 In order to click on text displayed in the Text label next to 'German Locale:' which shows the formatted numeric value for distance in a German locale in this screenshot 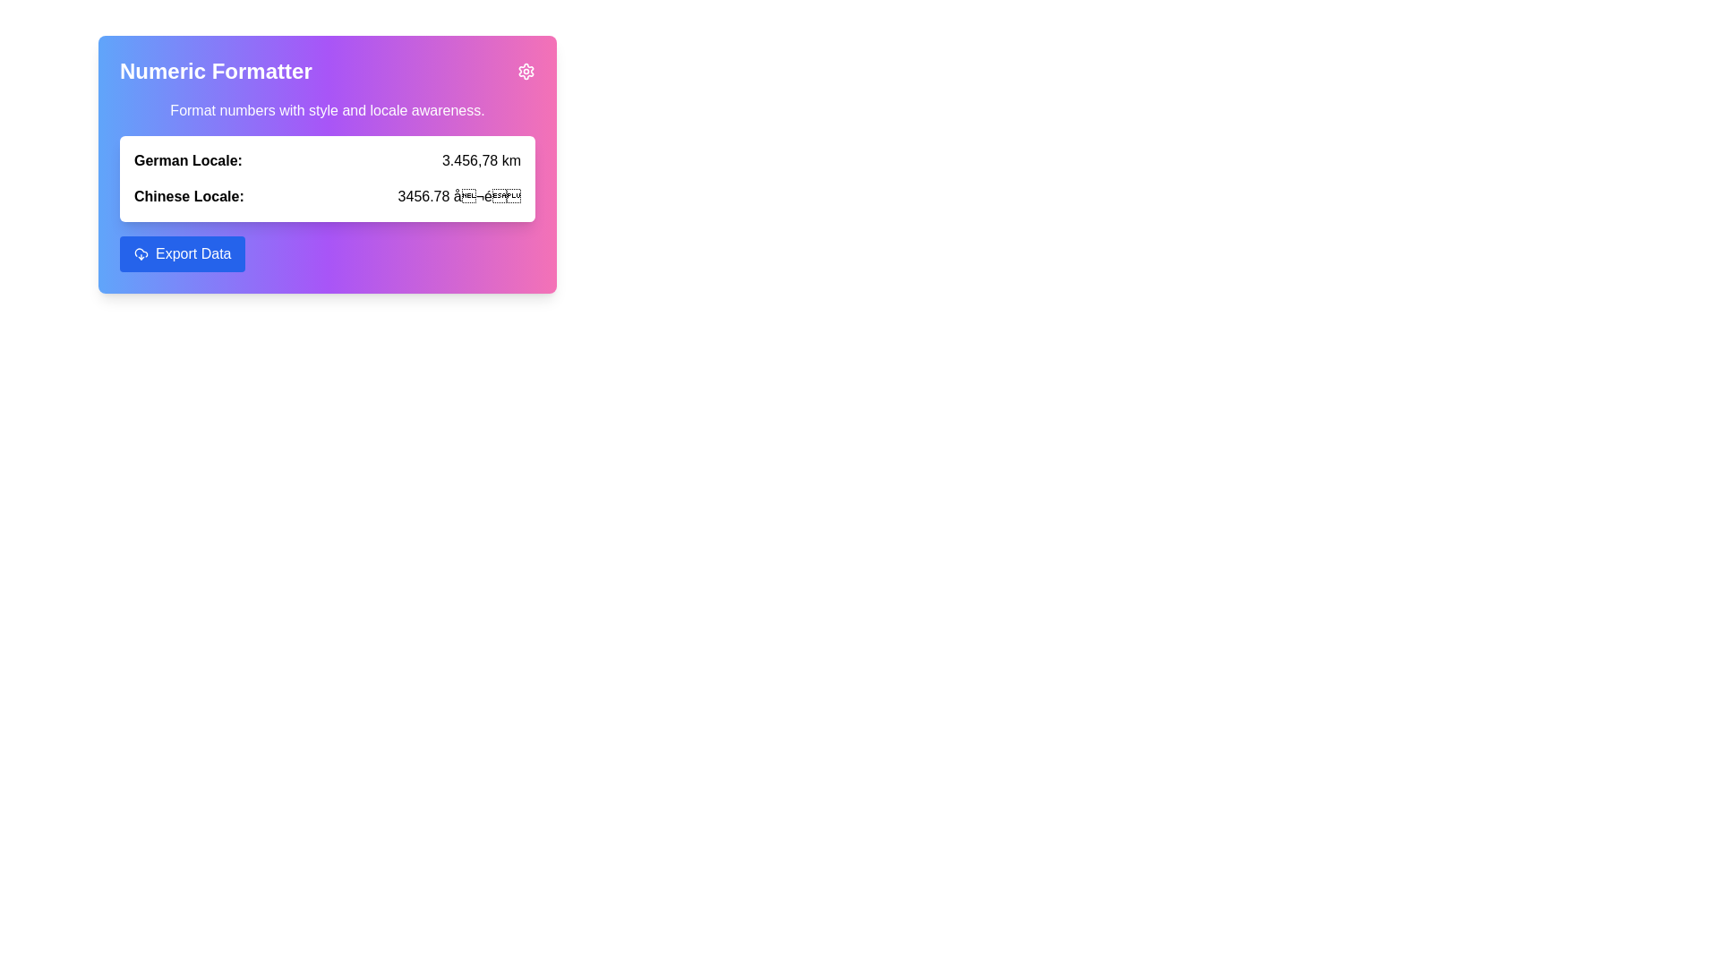, I will do `click(481, 161)`.